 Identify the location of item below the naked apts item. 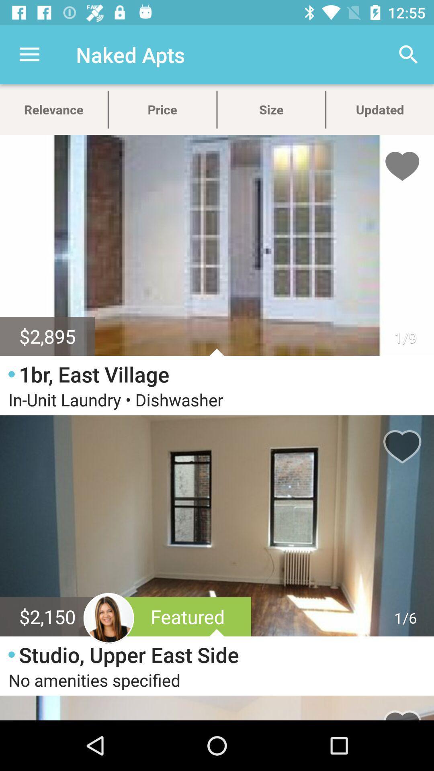
(162, 109).